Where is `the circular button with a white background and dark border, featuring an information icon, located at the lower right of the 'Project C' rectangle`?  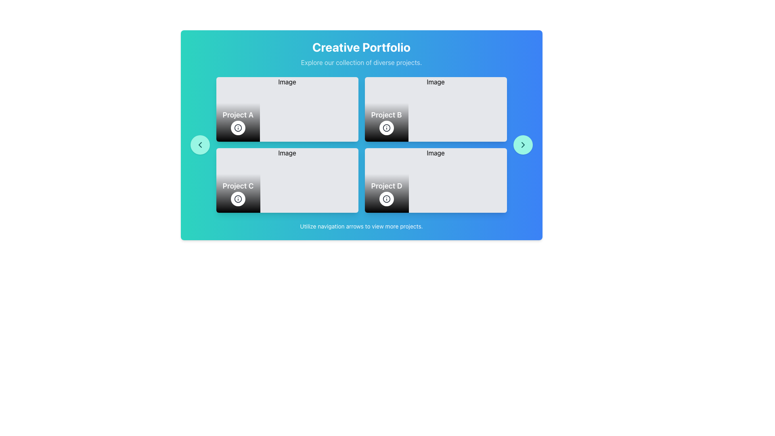 the circular button with a white background and dark border, featuring an information icon, located at the lower right of the 'Project C' rectangle is located at coordinates (238, 199).